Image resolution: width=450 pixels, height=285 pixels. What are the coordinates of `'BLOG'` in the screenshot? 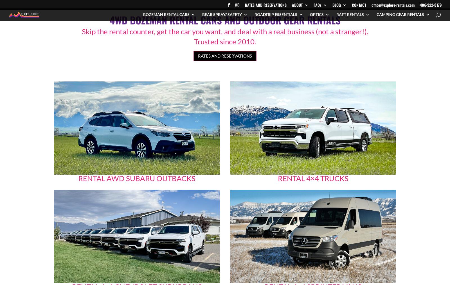 It's located at (336, 4).